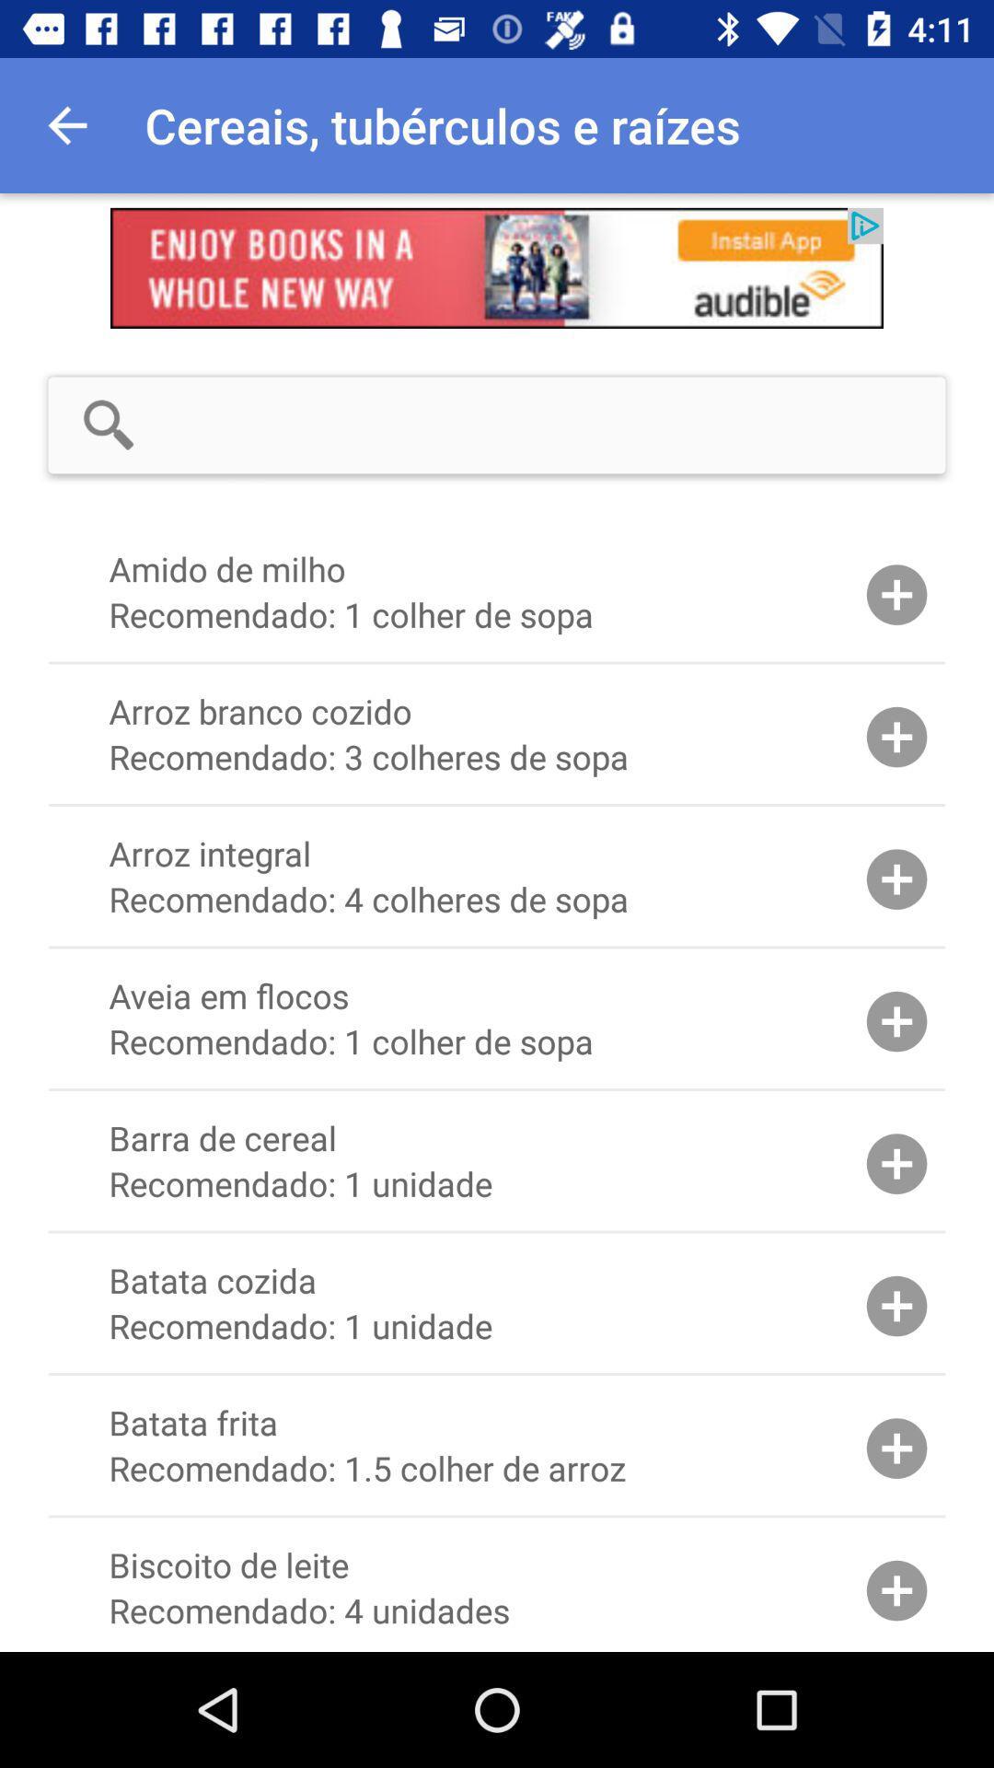 This screenshot has width=994, height=1768. Describe the element at coordinates (497, 267) in the screenshot. I see `open` at that location.